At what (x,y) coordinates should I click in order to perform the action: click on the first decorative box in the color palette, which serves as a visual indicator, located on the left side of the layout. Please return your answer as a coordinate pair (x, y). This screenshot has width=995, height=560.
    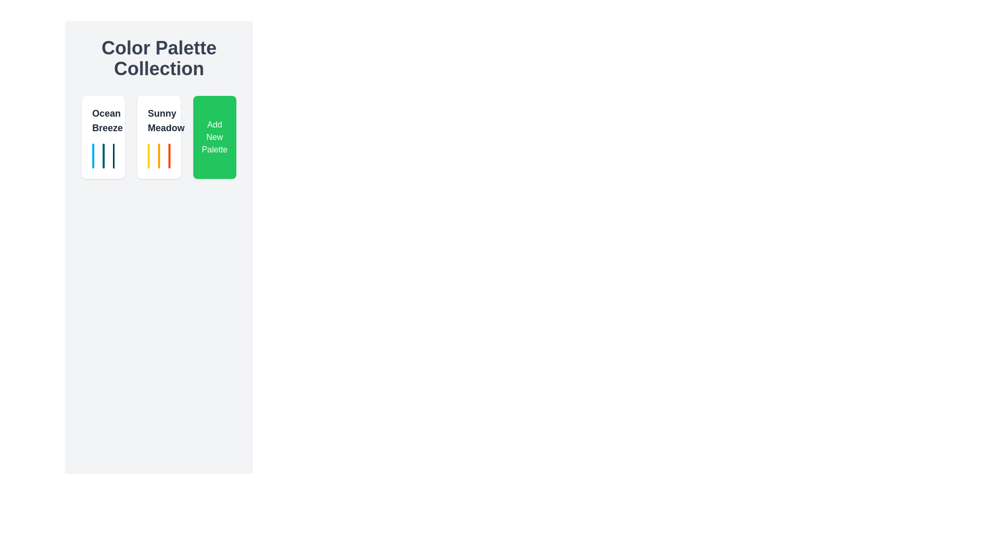
    Looking at the image, I should click on (93, 156).